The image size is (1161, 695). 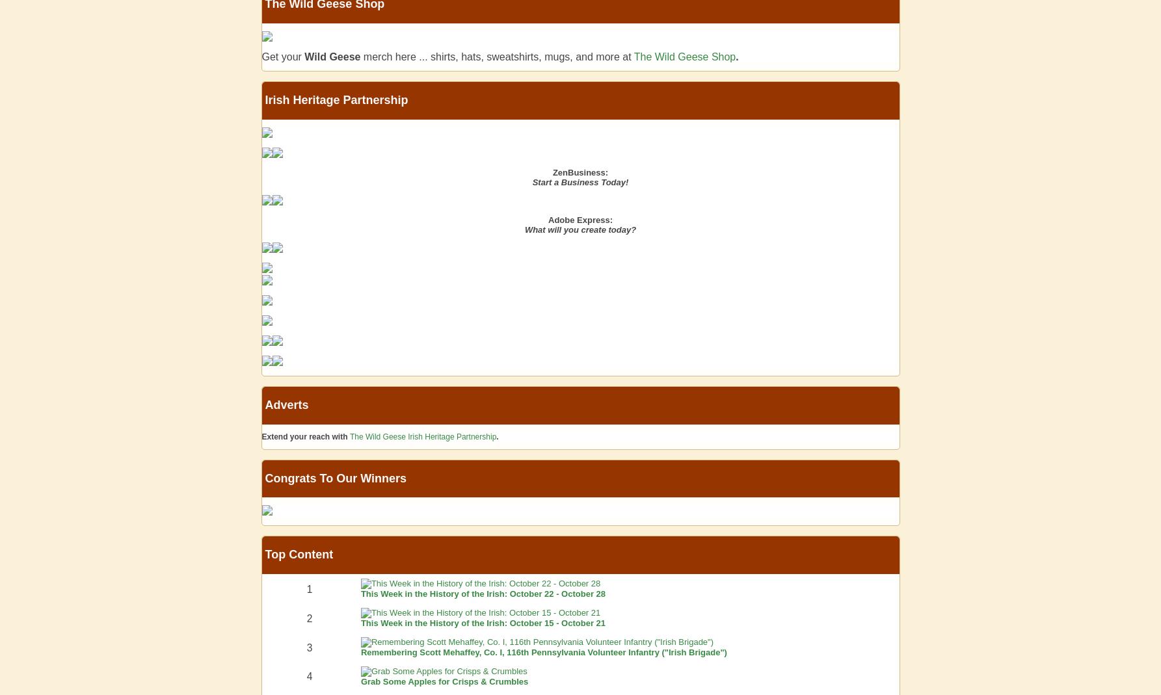 What do you see at coordinates (580, 181) in the screenshot?
I see `'Start a Business Today!'` at bounding box center [580, 181].